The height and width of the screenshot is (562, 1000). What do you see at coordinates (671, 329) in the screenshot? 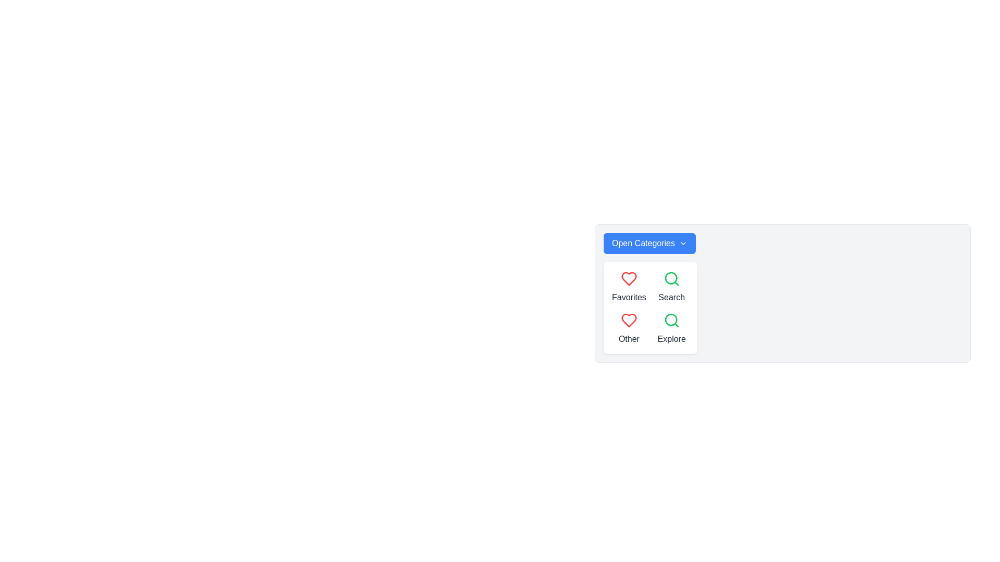
I see `the green-colored search icon above the text 'Explore'` at bounding box center [671, 329].